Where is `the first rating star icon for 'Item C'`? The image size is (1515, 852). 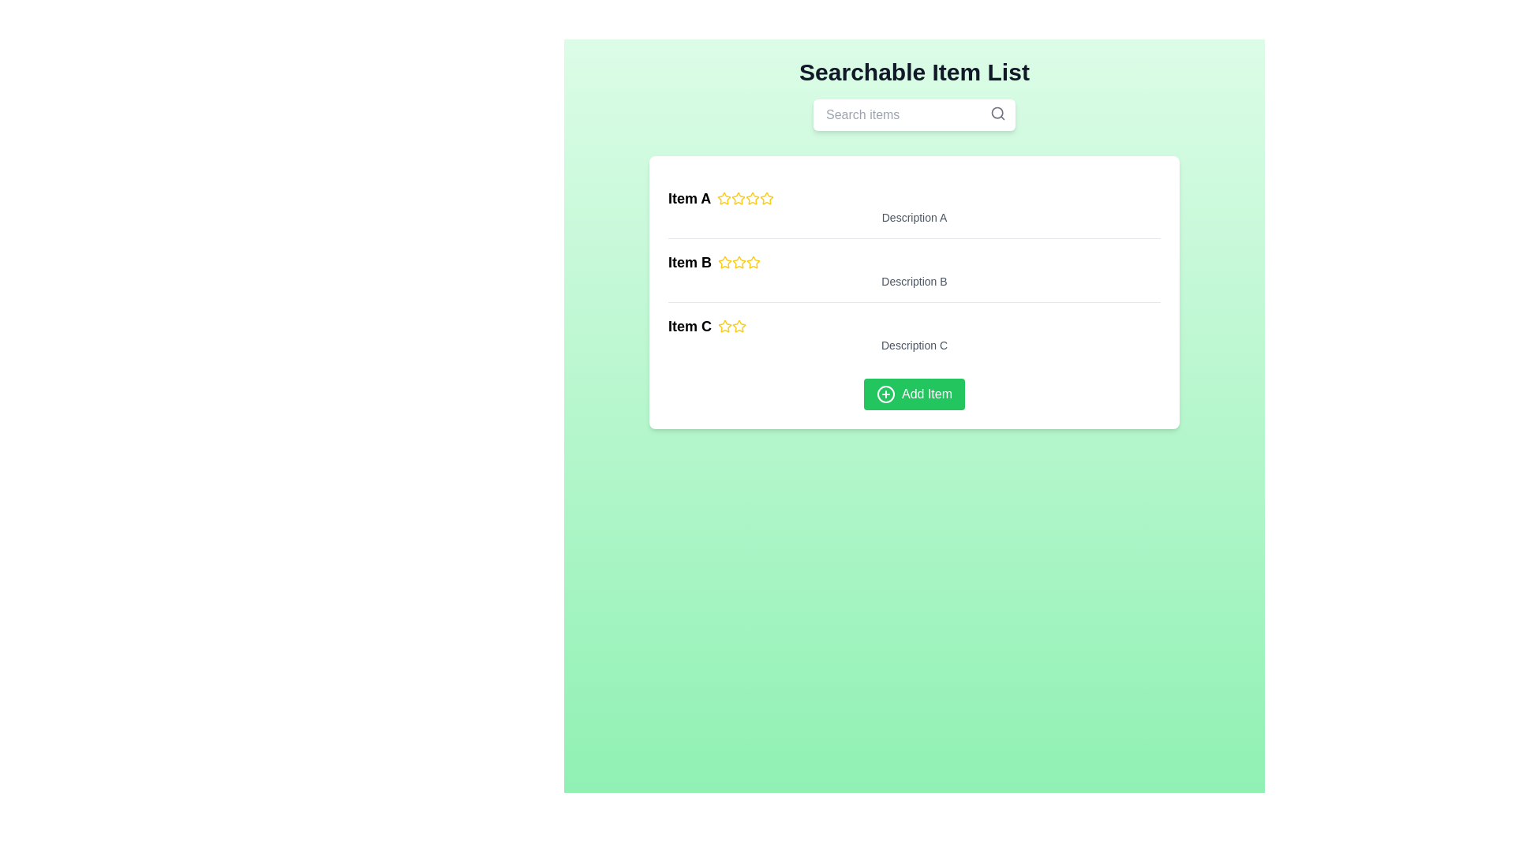 the first rating star icon for 'Item C' is located at coordinates (724, 325).